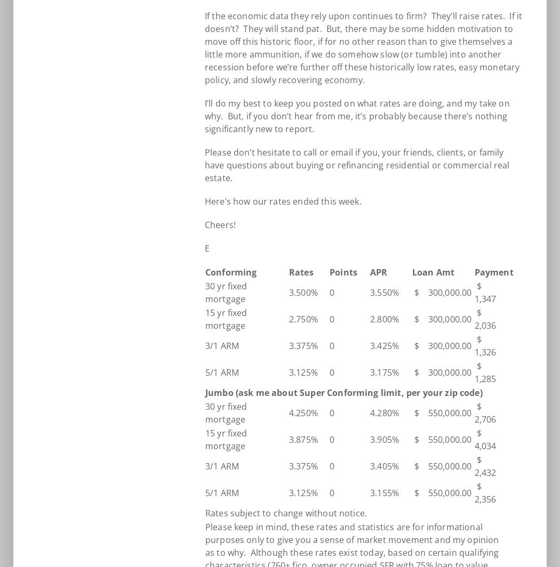 The height and width of the screenshot is (567, 560). What do you see at coordinates (487, 440) in the screenshot?
I see `'$          4,034'` at bounding box center [487, 440].